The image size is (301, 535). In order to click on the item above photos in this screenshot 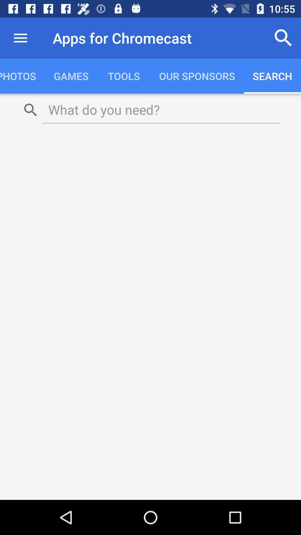, I will do `click(20, 38)`.